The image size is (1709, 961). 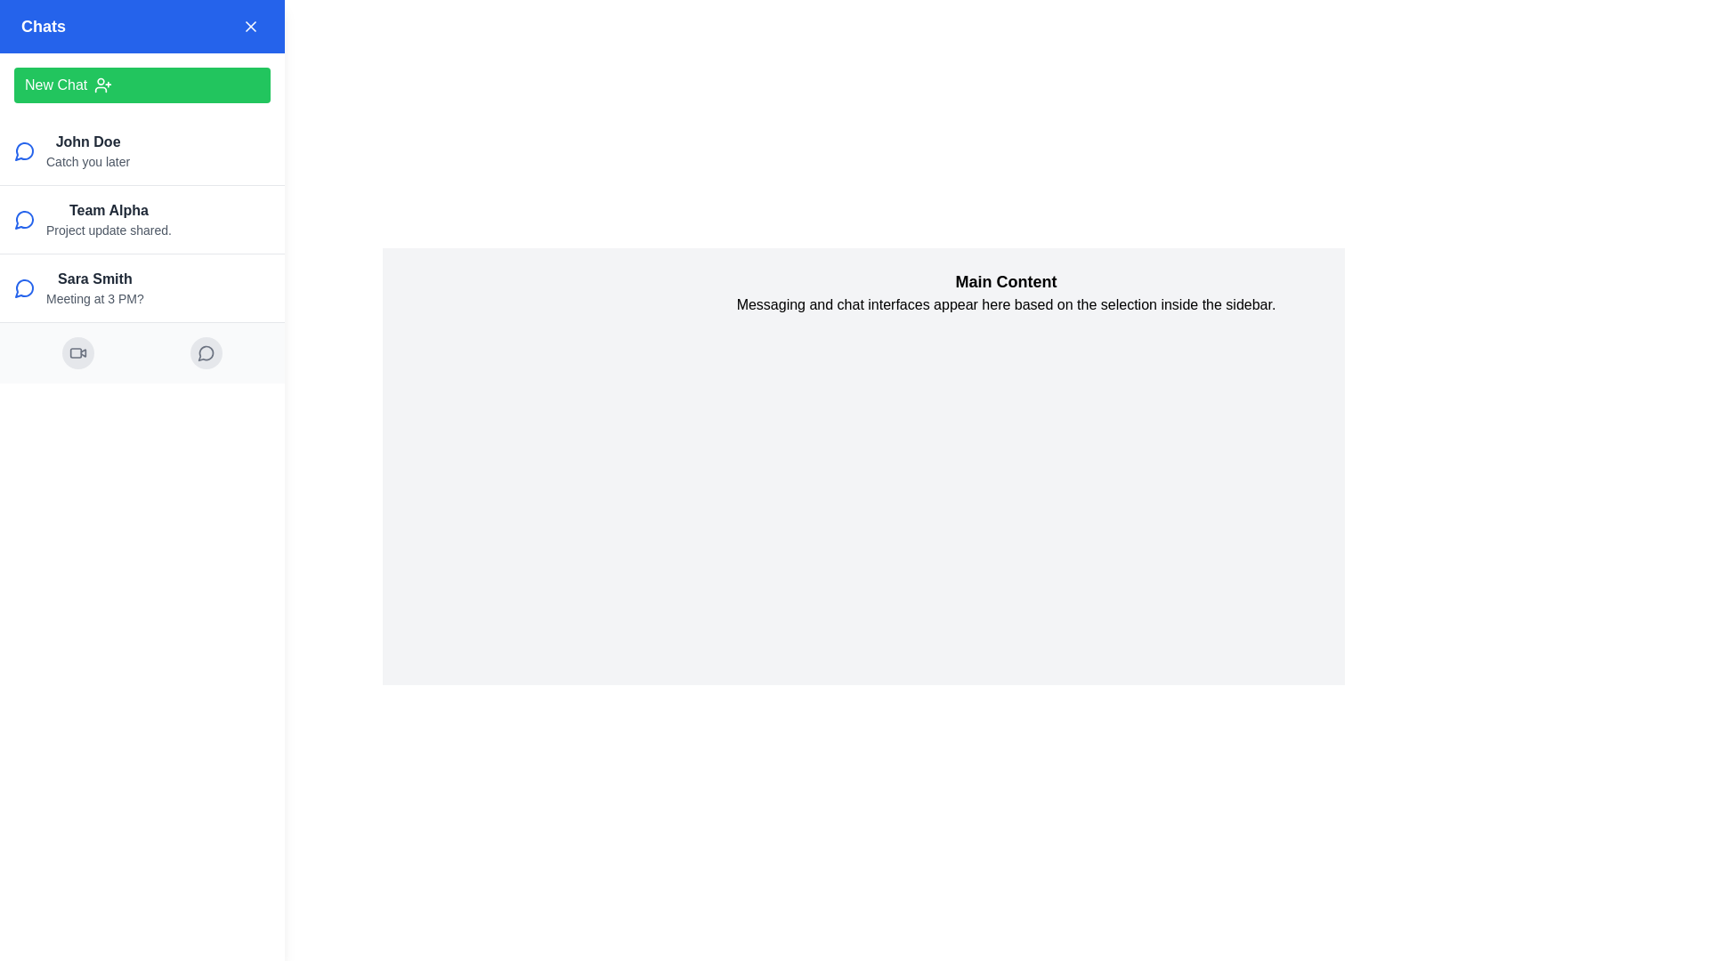 What do you see at coordinates (108, 218) in the screenshot?
I see `the Chat entry text block for 'Team Alpha', located` at bounding box center [108, 218].